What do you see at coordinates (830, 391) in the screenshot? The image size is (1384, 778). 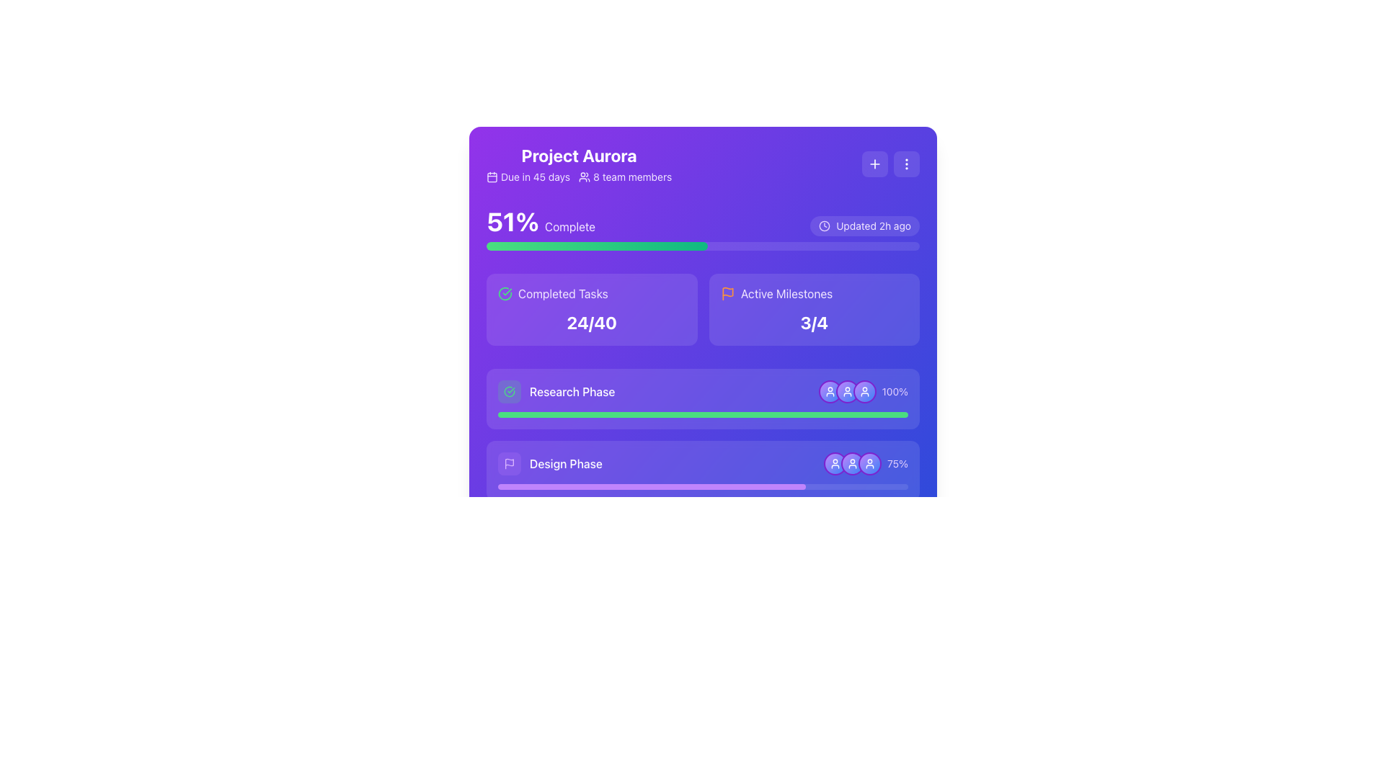 I see `the Profile avatar icon, which is a circular icon with a gradient background transitioning from purple to blue, located to the right of the 'Research Phase' label and progress bar` at bounding box center [830, 391].